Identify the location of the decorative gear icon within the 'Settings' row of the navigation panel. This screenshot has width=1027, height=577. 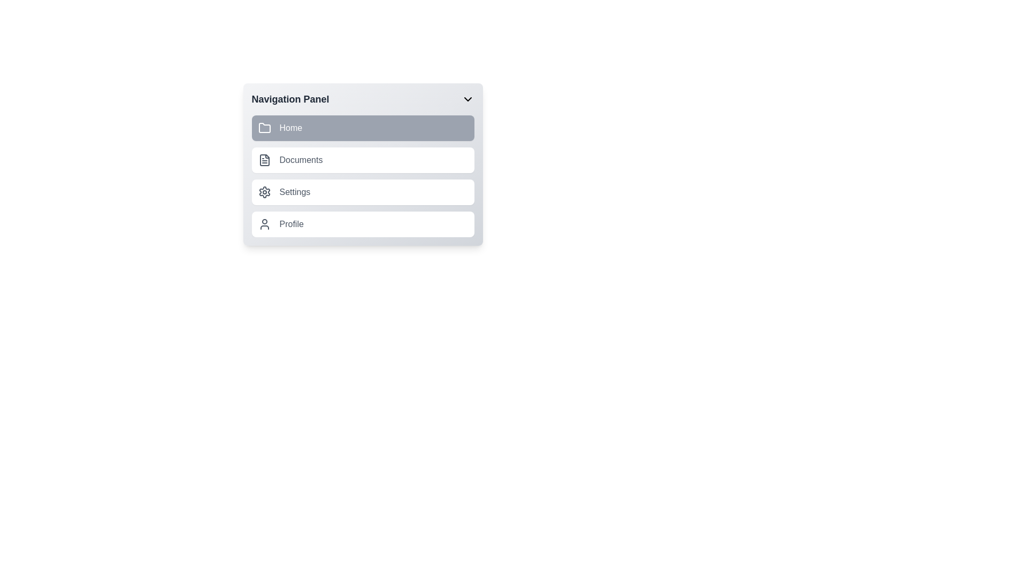
(264, 191).